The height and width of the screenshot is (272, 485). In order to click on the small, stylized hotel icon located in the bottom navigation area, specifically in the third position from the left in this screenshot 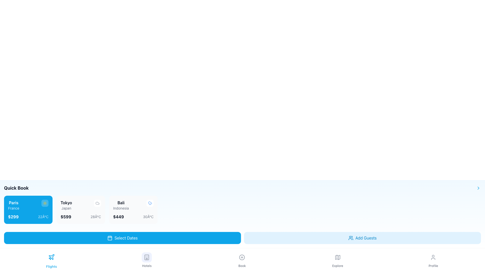, I will do `click(147, 257)`.